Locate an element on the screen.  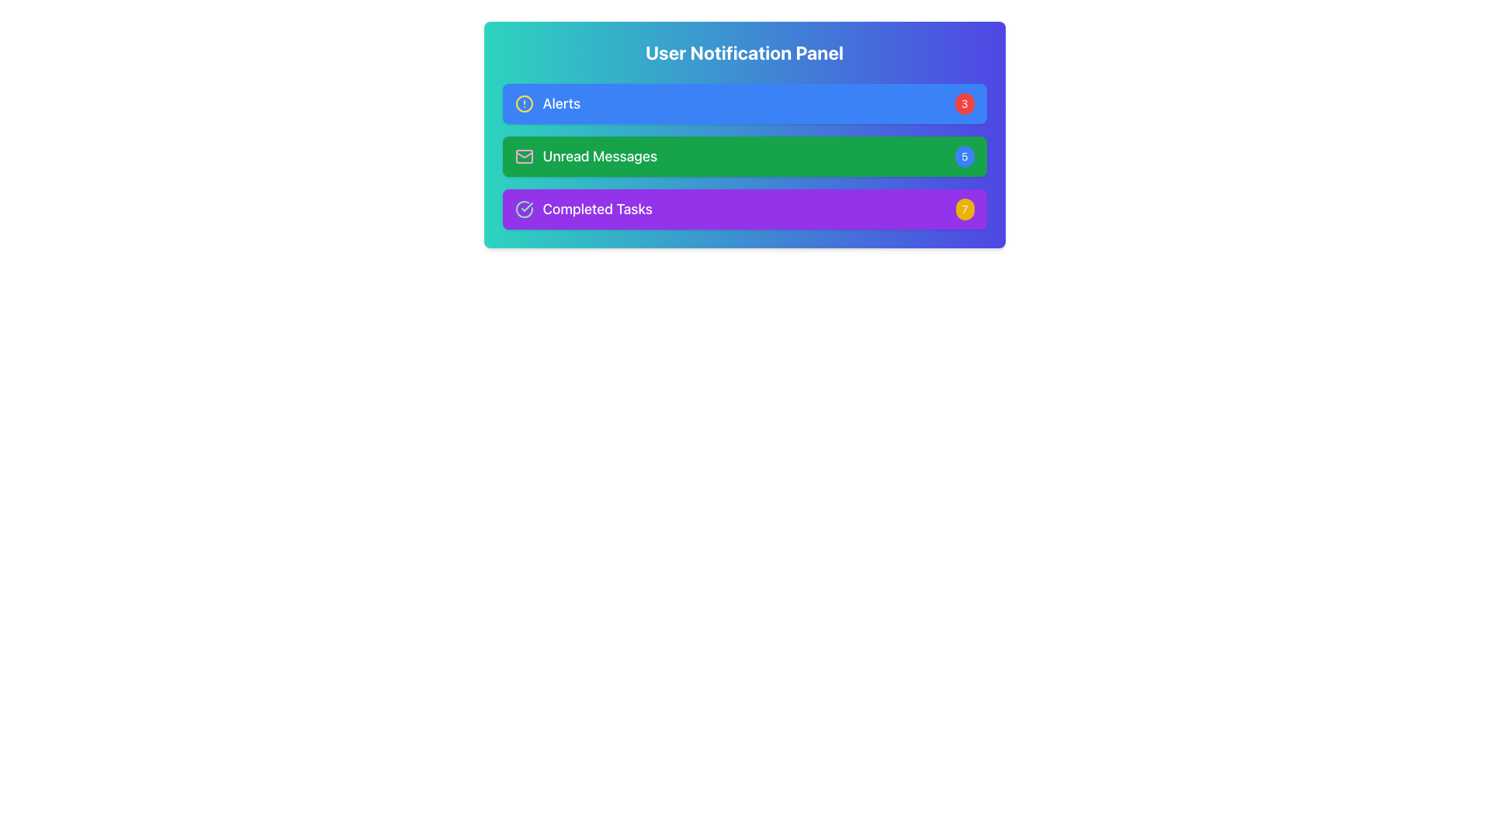
the appearance of the circular green checkmark icon located immediately to the left of the 'Completed Tasks' text is located at coordinates (524, 209).